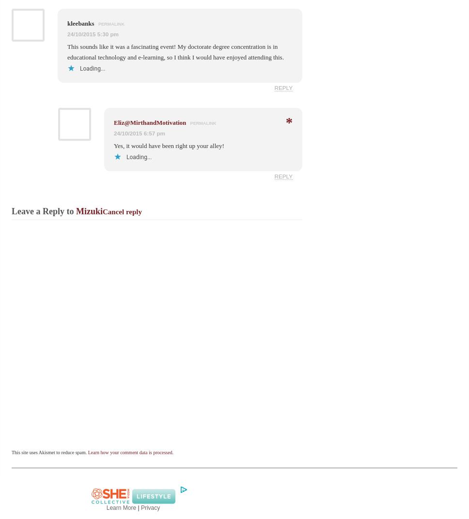 The image size is (469, 519). I want to click on 'Leave a Reply to', so click(44, 210).